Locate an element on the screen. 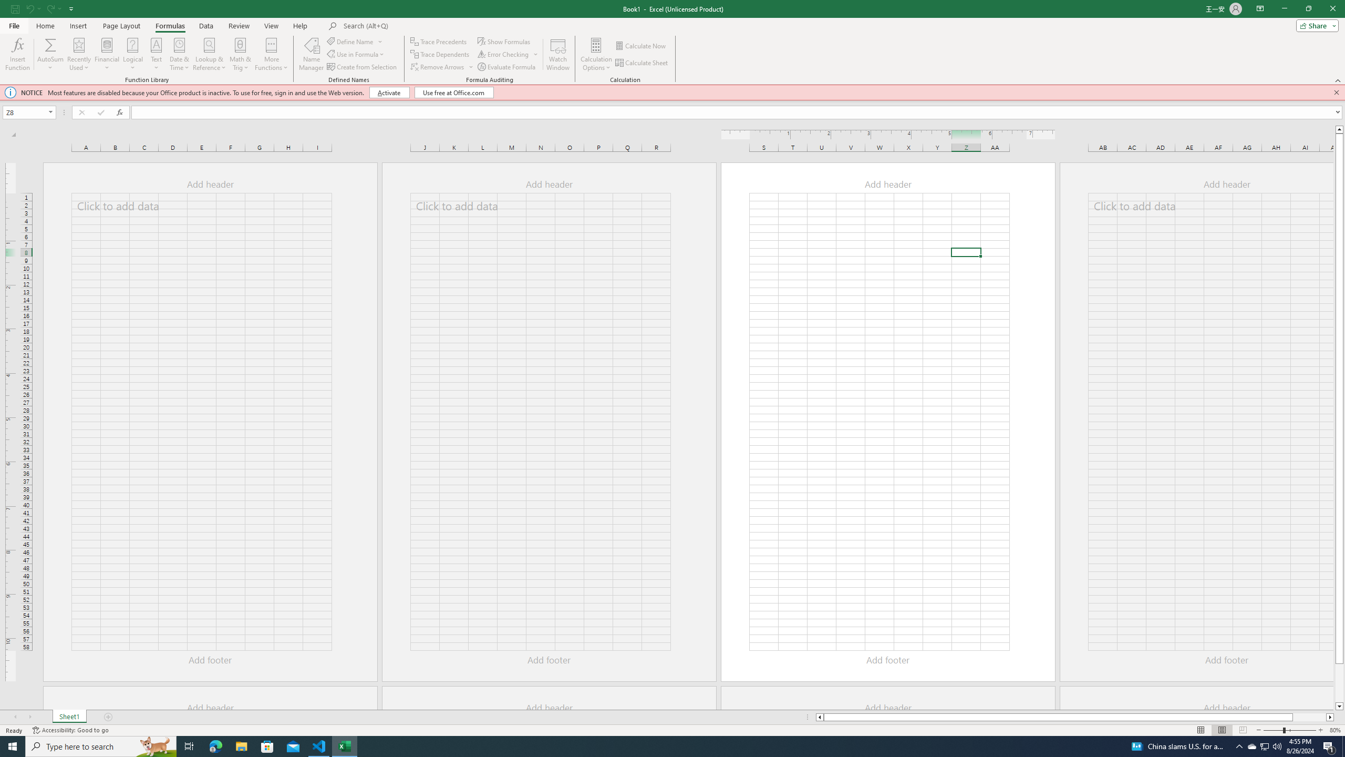 This screenshot has width=1345, height=757. 'Remove Arrows' is located at coordinates (442, 67).